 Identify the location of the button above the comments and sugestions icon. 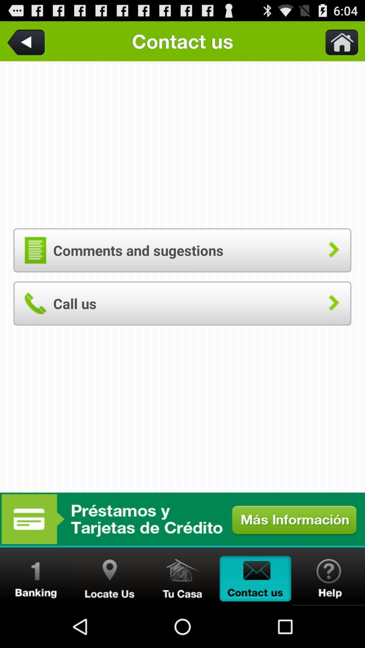
(338, 41).